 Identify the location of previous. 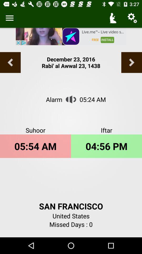
(131, 62).